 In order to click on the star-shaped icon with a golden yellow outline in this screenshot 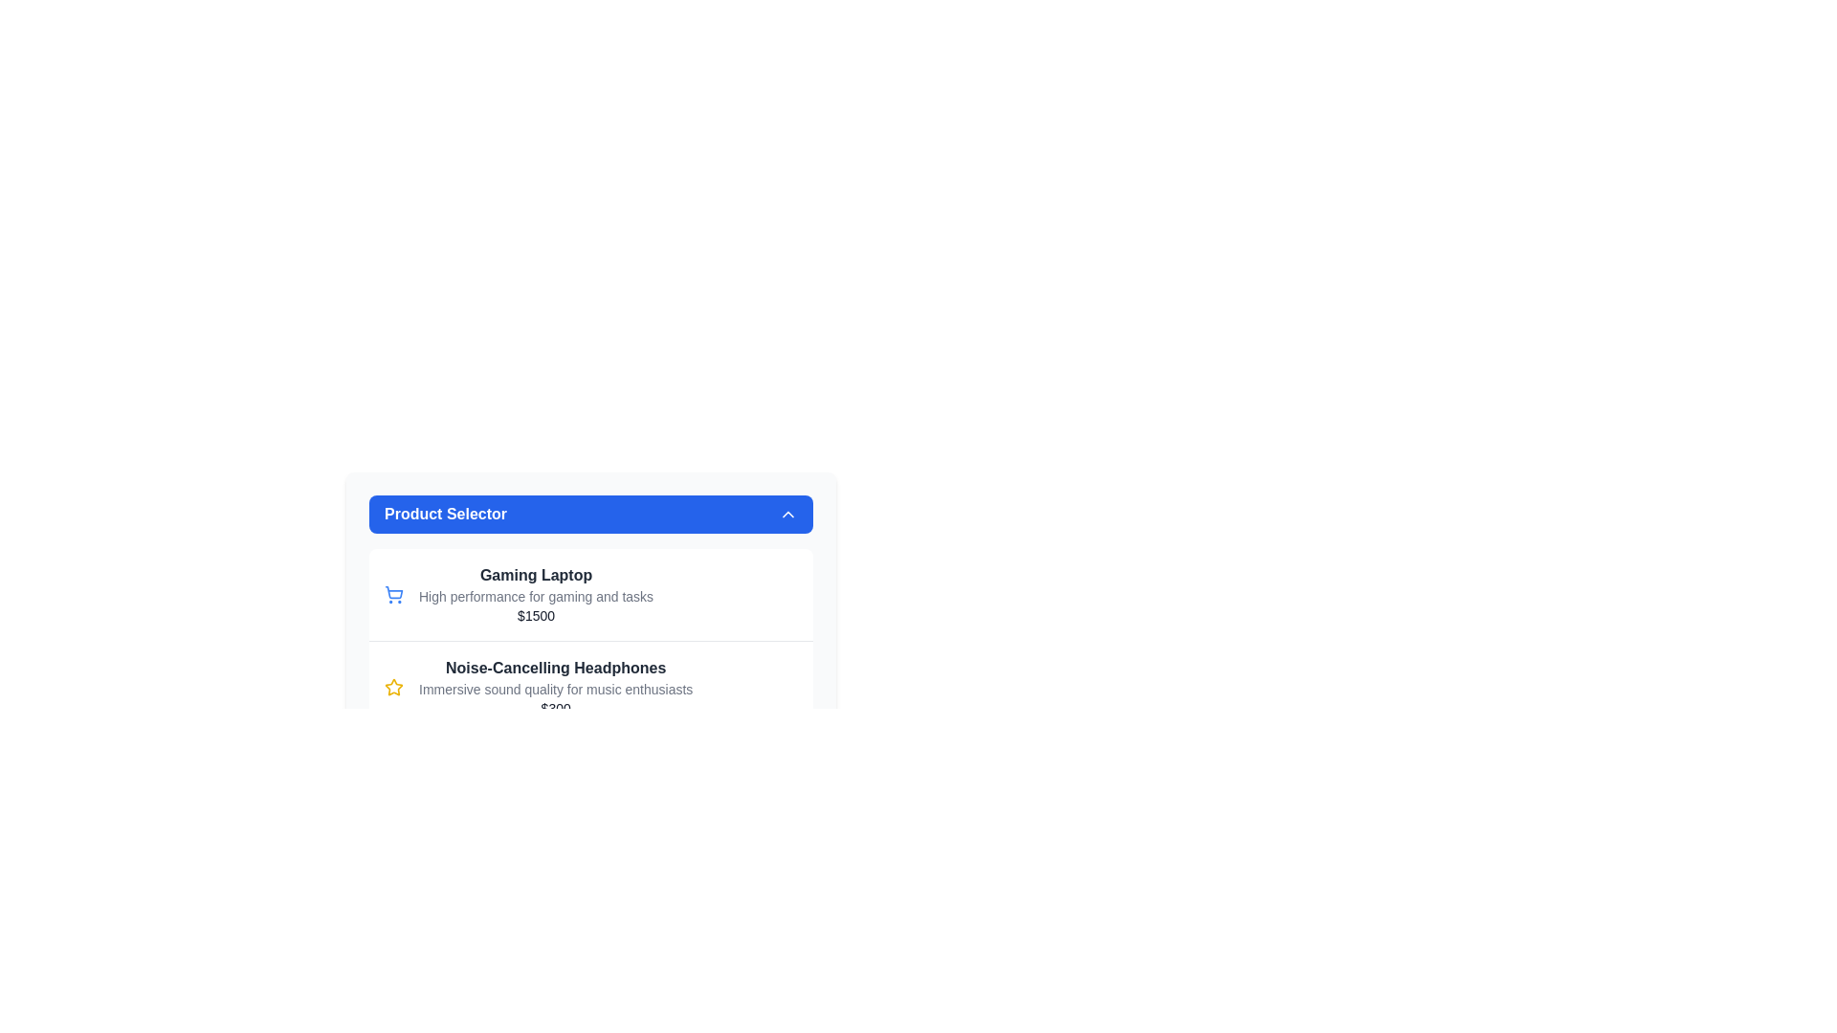, I will do `click(393, 686)`.